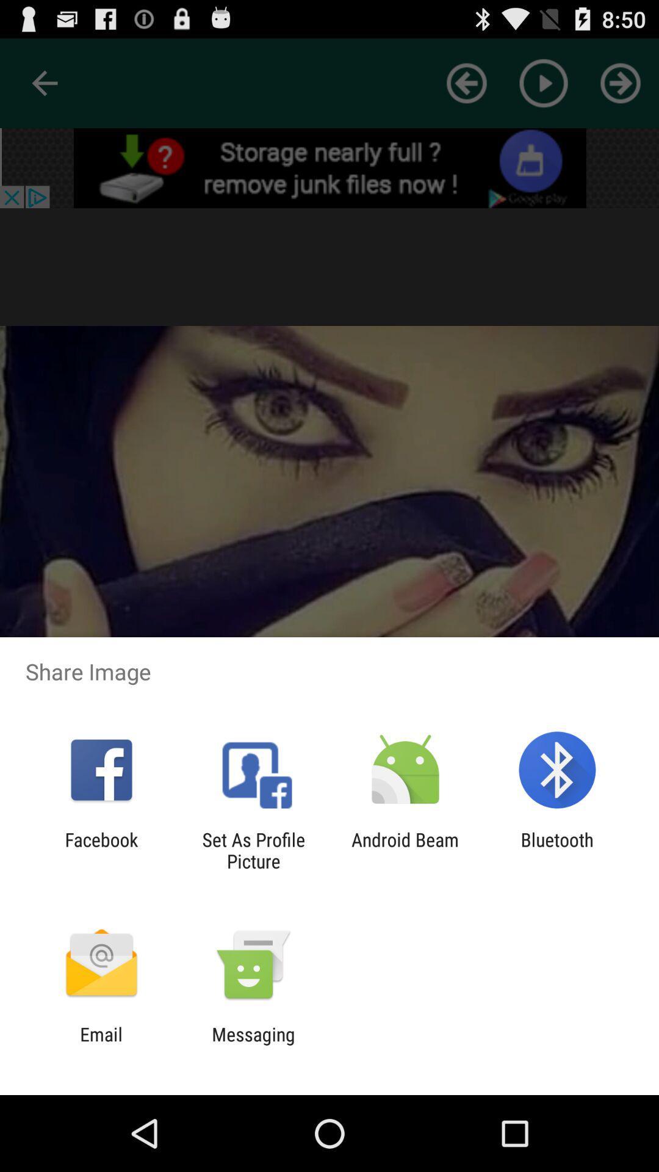 Image resolution: width=659 pixels, height=1172 pixels. Describe the element at coordinates (405, 850) in the screenshot. I see `app next to bluetooth icon` at that location.